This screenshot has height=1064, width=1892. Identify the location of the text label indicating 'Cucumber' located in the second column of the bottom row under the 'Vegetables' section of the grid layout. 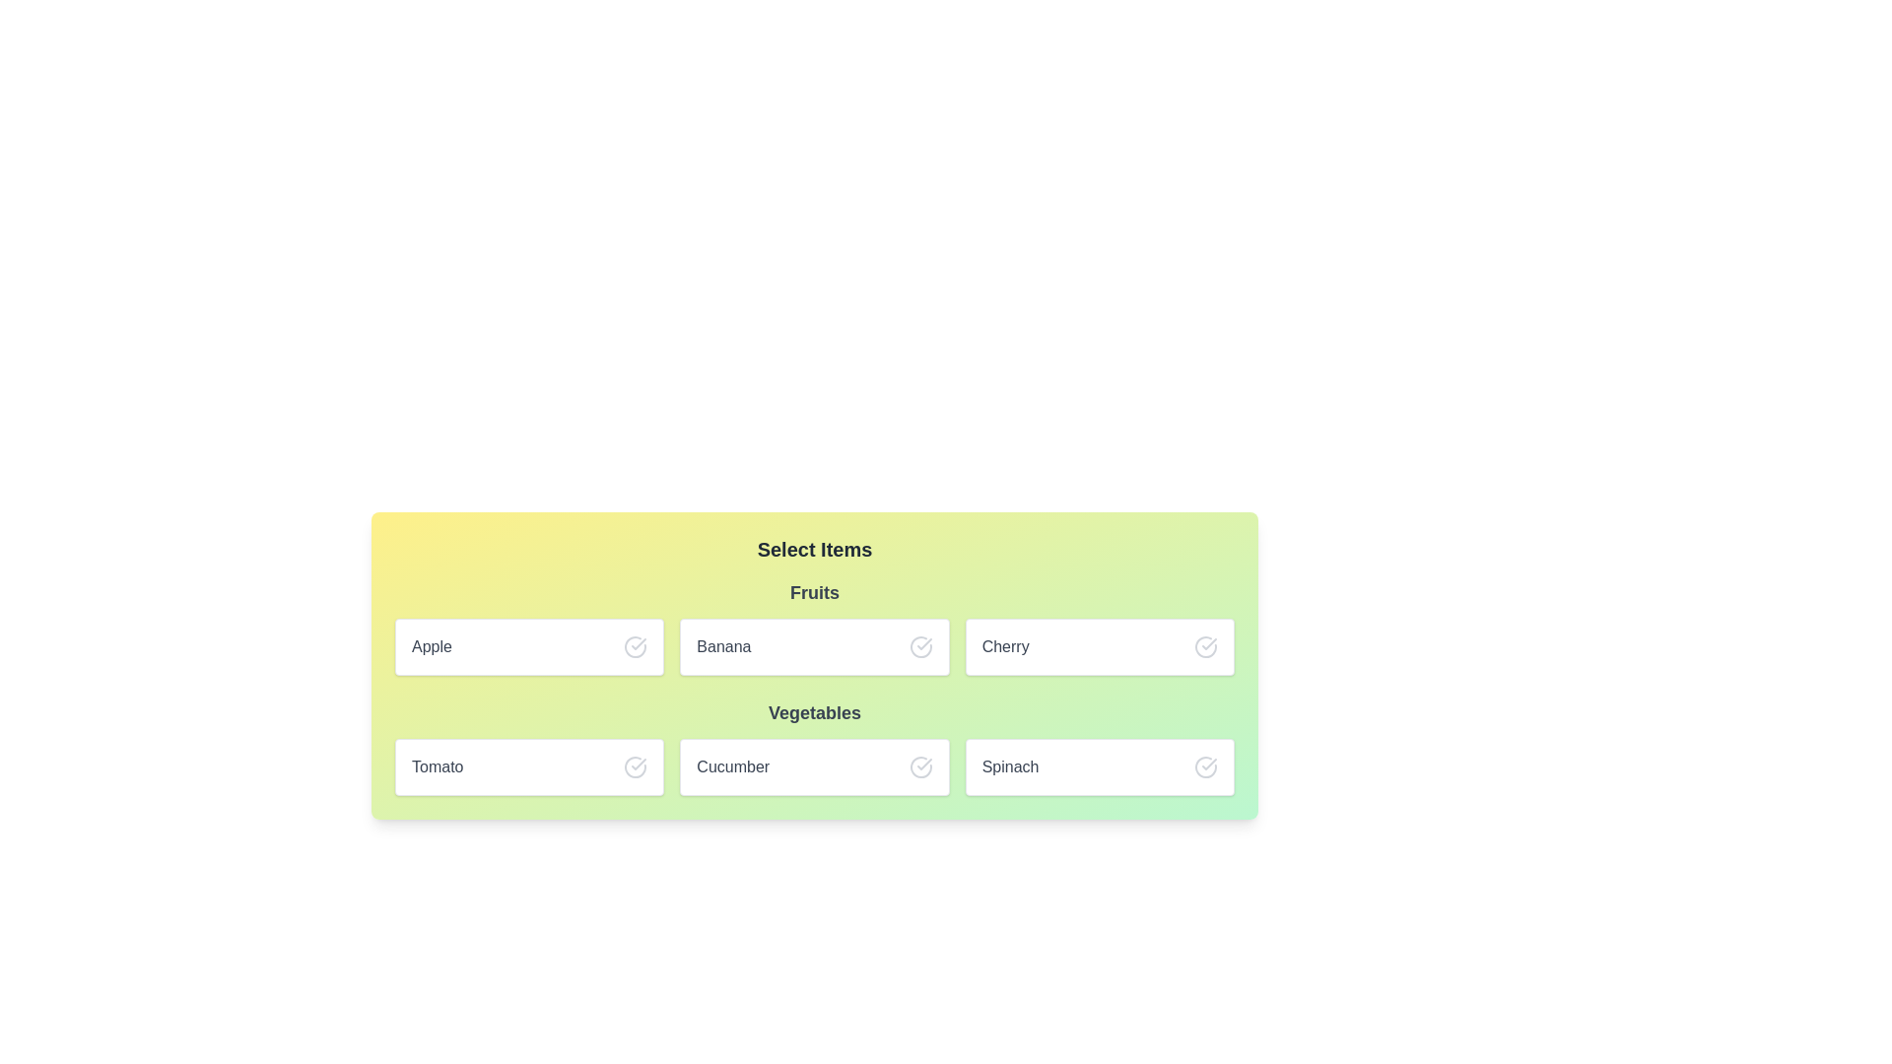
(732, 766).